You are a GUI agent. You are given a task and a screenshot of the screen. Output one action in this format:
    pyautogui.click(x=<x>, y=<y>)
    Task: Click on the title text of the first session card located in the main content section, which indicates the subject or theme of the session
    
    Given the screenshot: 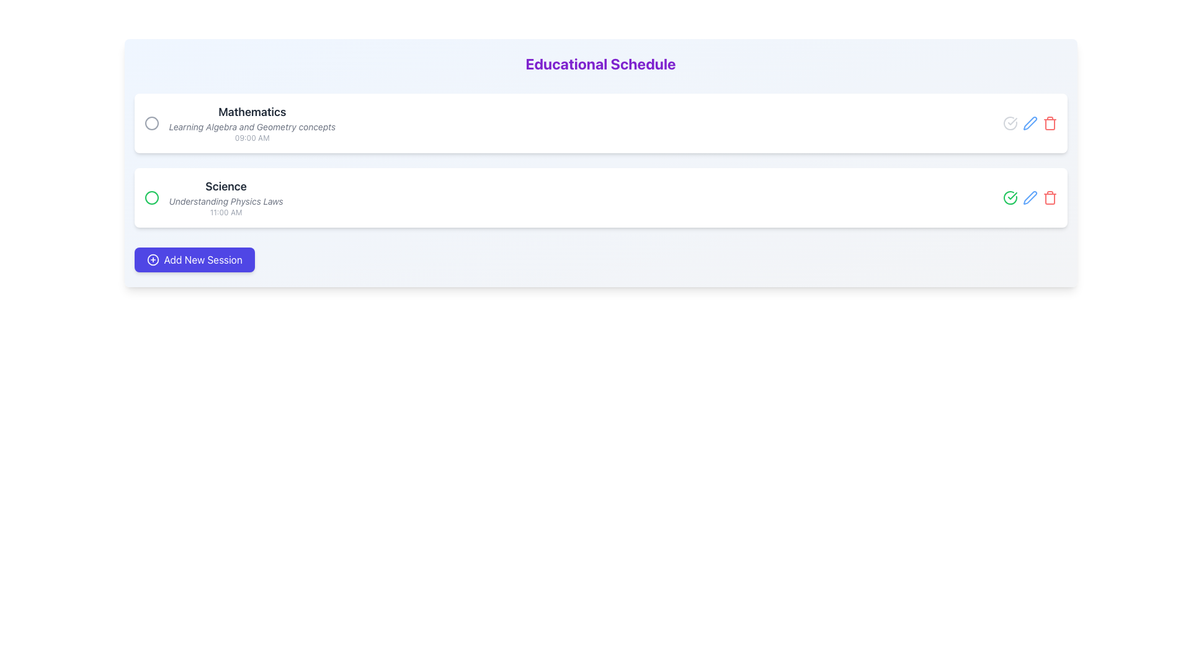 What is the action you would take?
    pyautogui.click(x=251, y=112)
    